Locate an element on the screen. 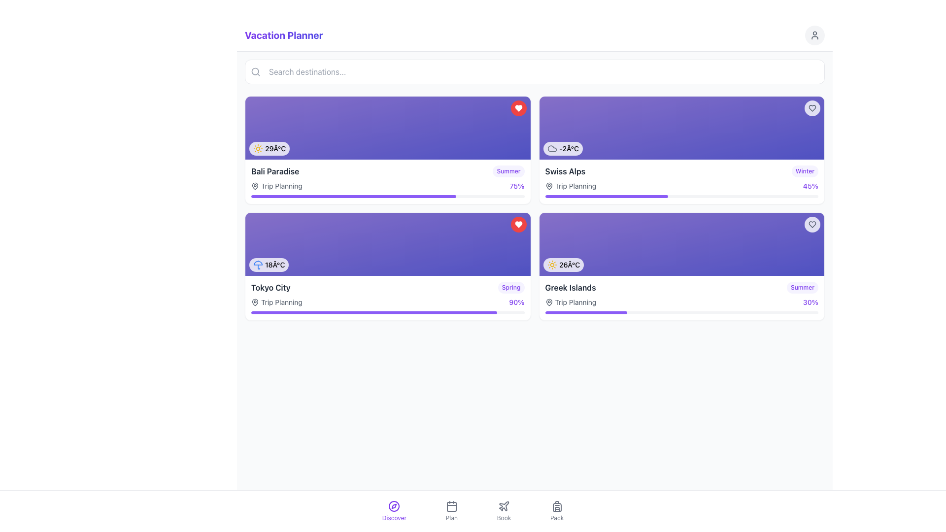 The width and height of the screenshot is (946, 532). the small, vector-based pin icon located below the 'Trip Planning' text on the 'Tokyo City' card in the lower-left quadrant of the interface is located at coordinates (255, 301).